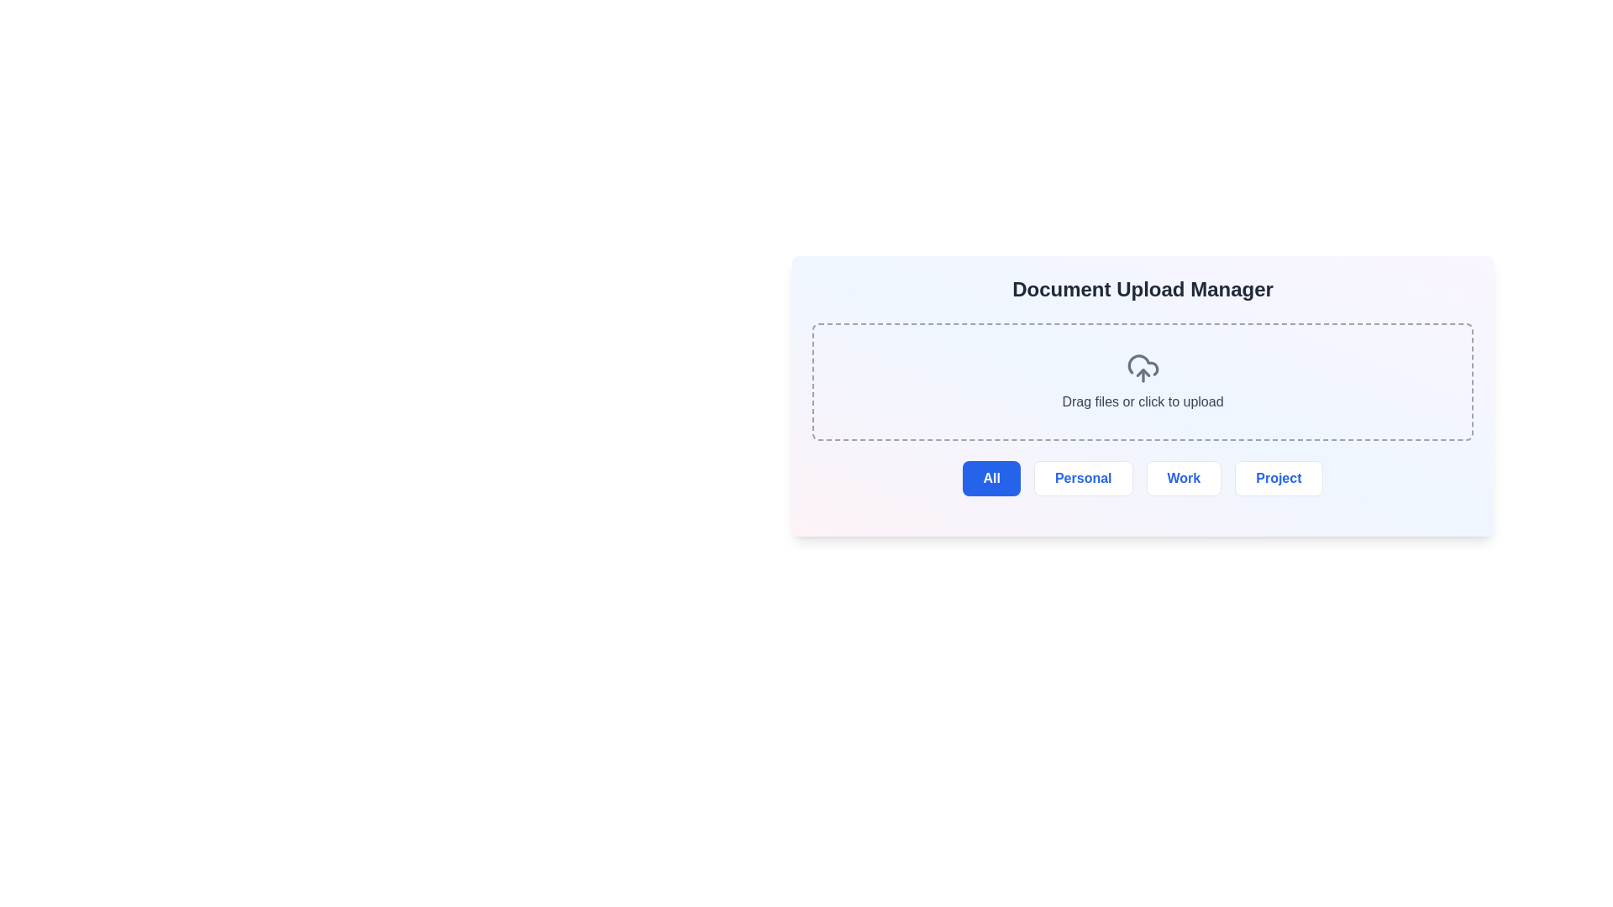 Image resolution: width=1613 pixels, height=907 pixels. What do you see at coordinates (1143, 382) in the screenshot?
I see `the File upload area with a dashed border and cloud icon` at bounding box center [1143, 382].